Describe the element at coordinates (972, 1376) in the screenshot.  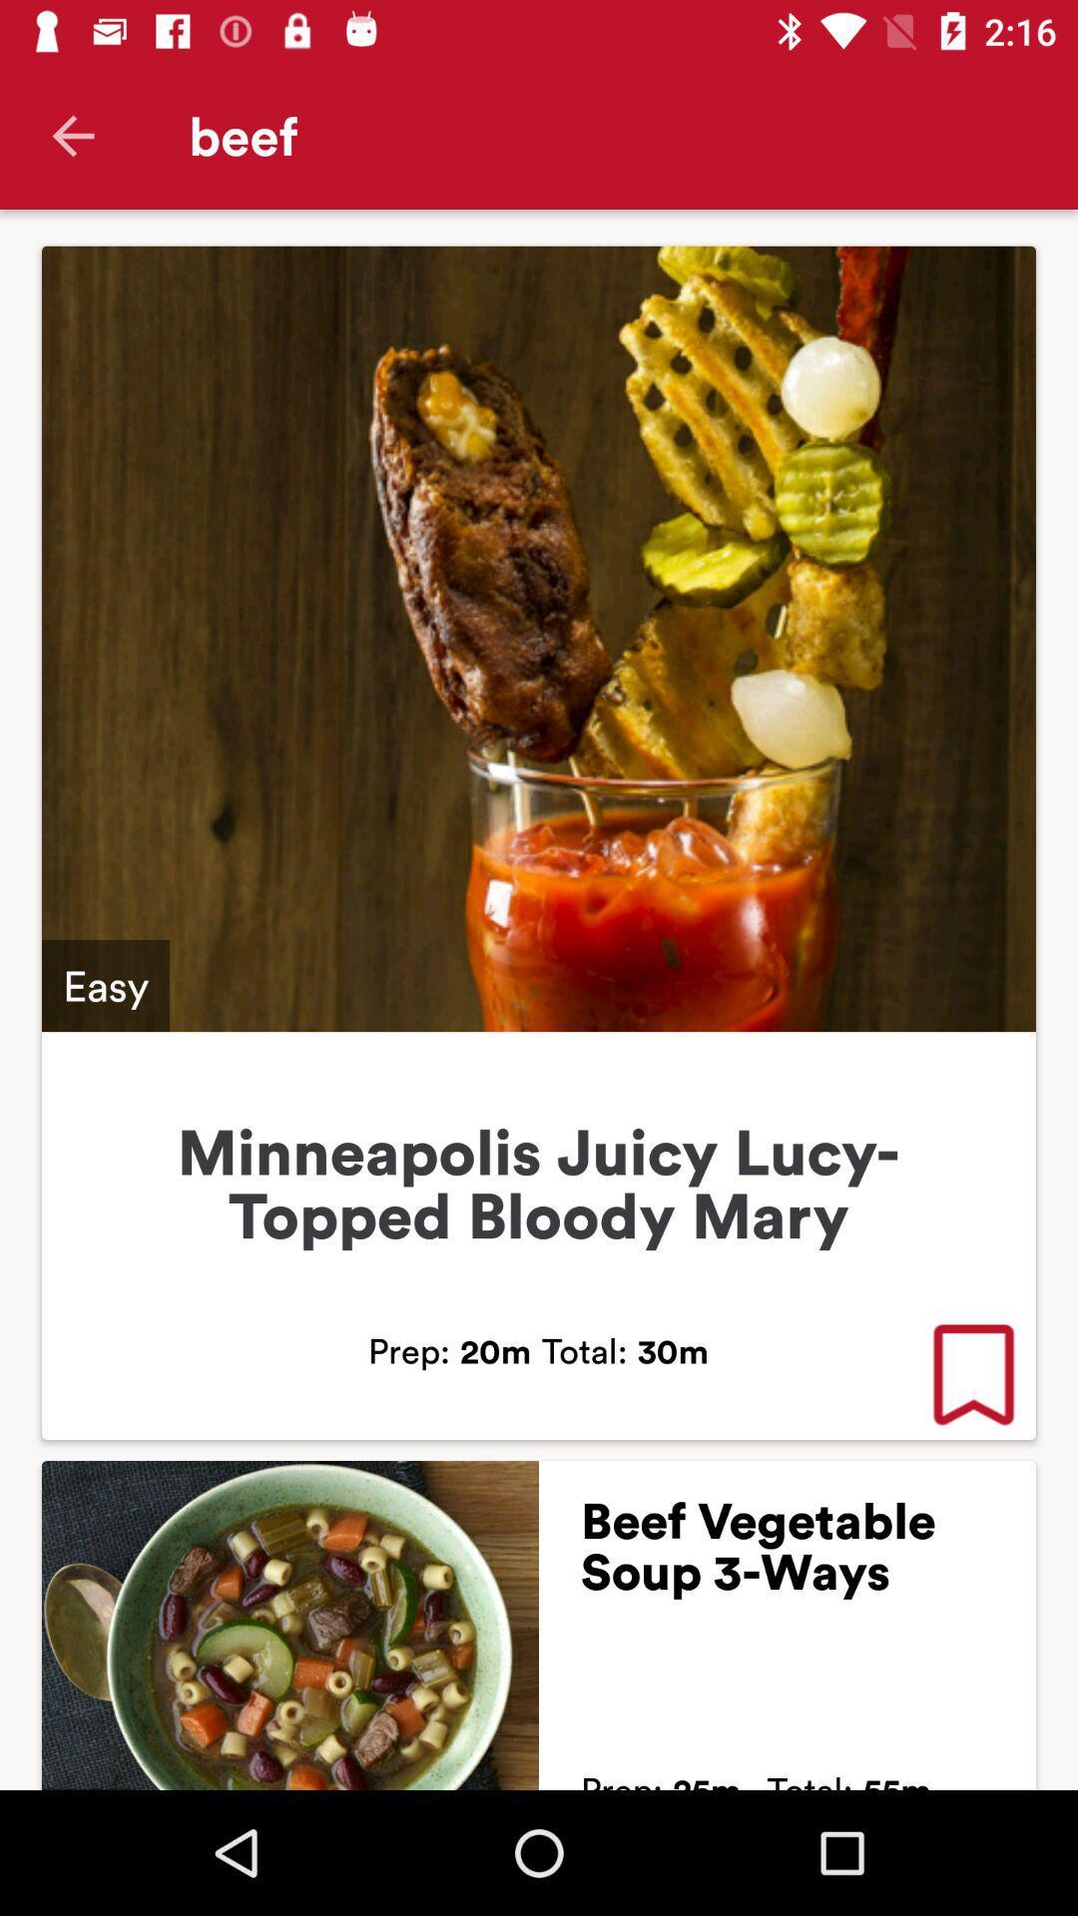
I see `the item above the beef vegetable soup item` at that location.